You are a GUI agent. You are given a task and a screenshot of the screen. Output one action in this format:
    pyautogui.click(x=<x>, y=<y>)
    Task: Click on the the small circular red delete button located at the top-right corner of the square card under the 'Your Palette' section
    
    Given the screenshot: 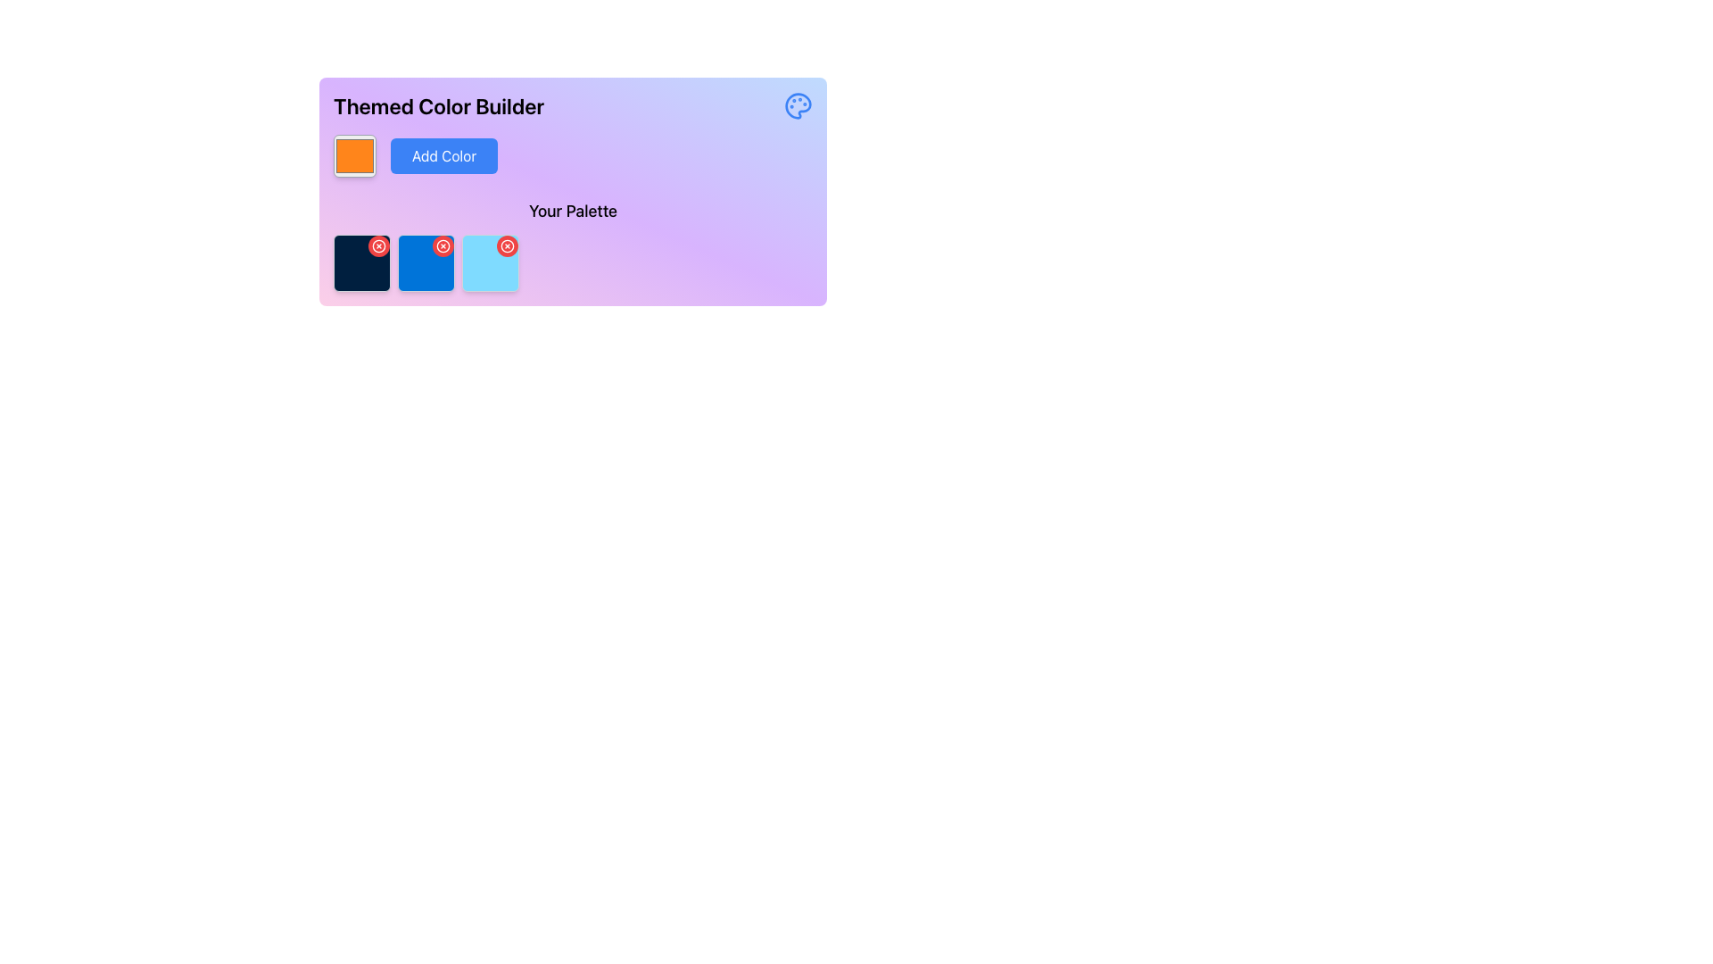 What is the action you would take?
    pyautogui.click(x=378, y=246)
    